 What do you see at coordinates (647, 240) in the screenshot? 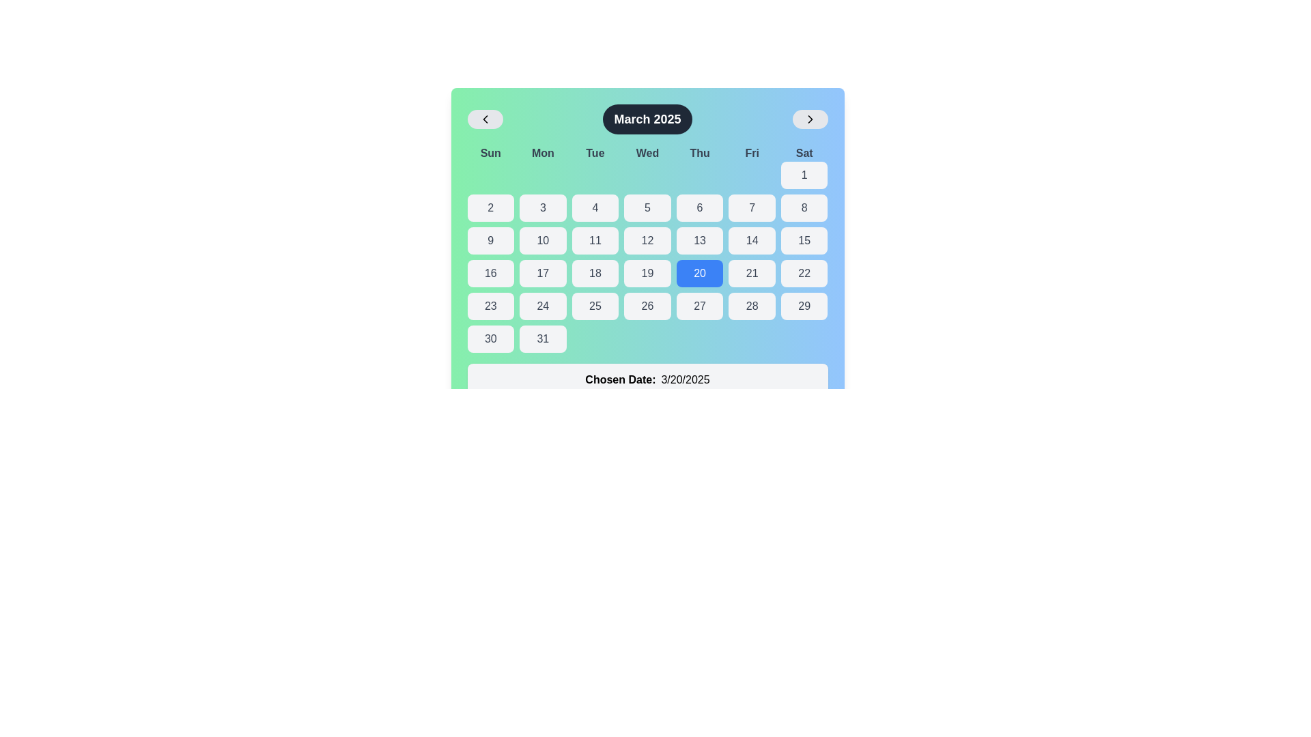
I see `the button representing the 12th day of the month in the calendar interface` at bounding box center [647, 240].